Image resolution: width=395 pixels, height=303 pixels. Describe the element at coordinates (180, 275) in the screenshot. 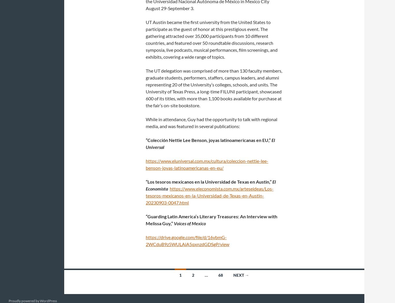

I see `'1'` at that location.